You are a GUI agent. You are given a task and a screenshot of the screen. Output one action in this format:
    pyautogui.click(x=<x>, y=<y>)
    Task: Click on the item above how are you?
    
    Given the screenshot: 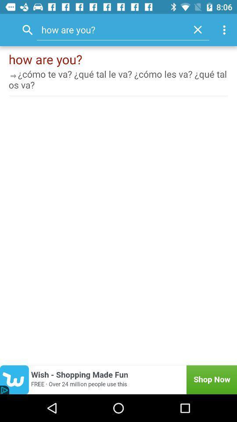 What is the action you would take?
    pyautogui.click(x=225, y=30)
    